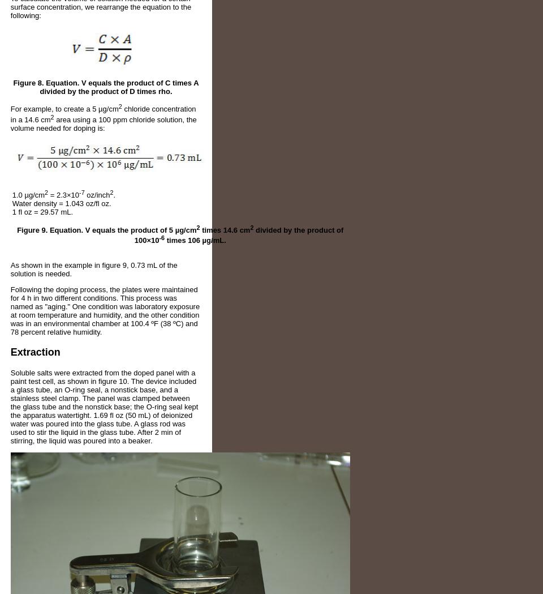 This screenshot has height=594, width=543. What do you see at coordinates (63, 194) in the screenshot?
I see `'= 2.3×10'` at bounding box center [63, 194].